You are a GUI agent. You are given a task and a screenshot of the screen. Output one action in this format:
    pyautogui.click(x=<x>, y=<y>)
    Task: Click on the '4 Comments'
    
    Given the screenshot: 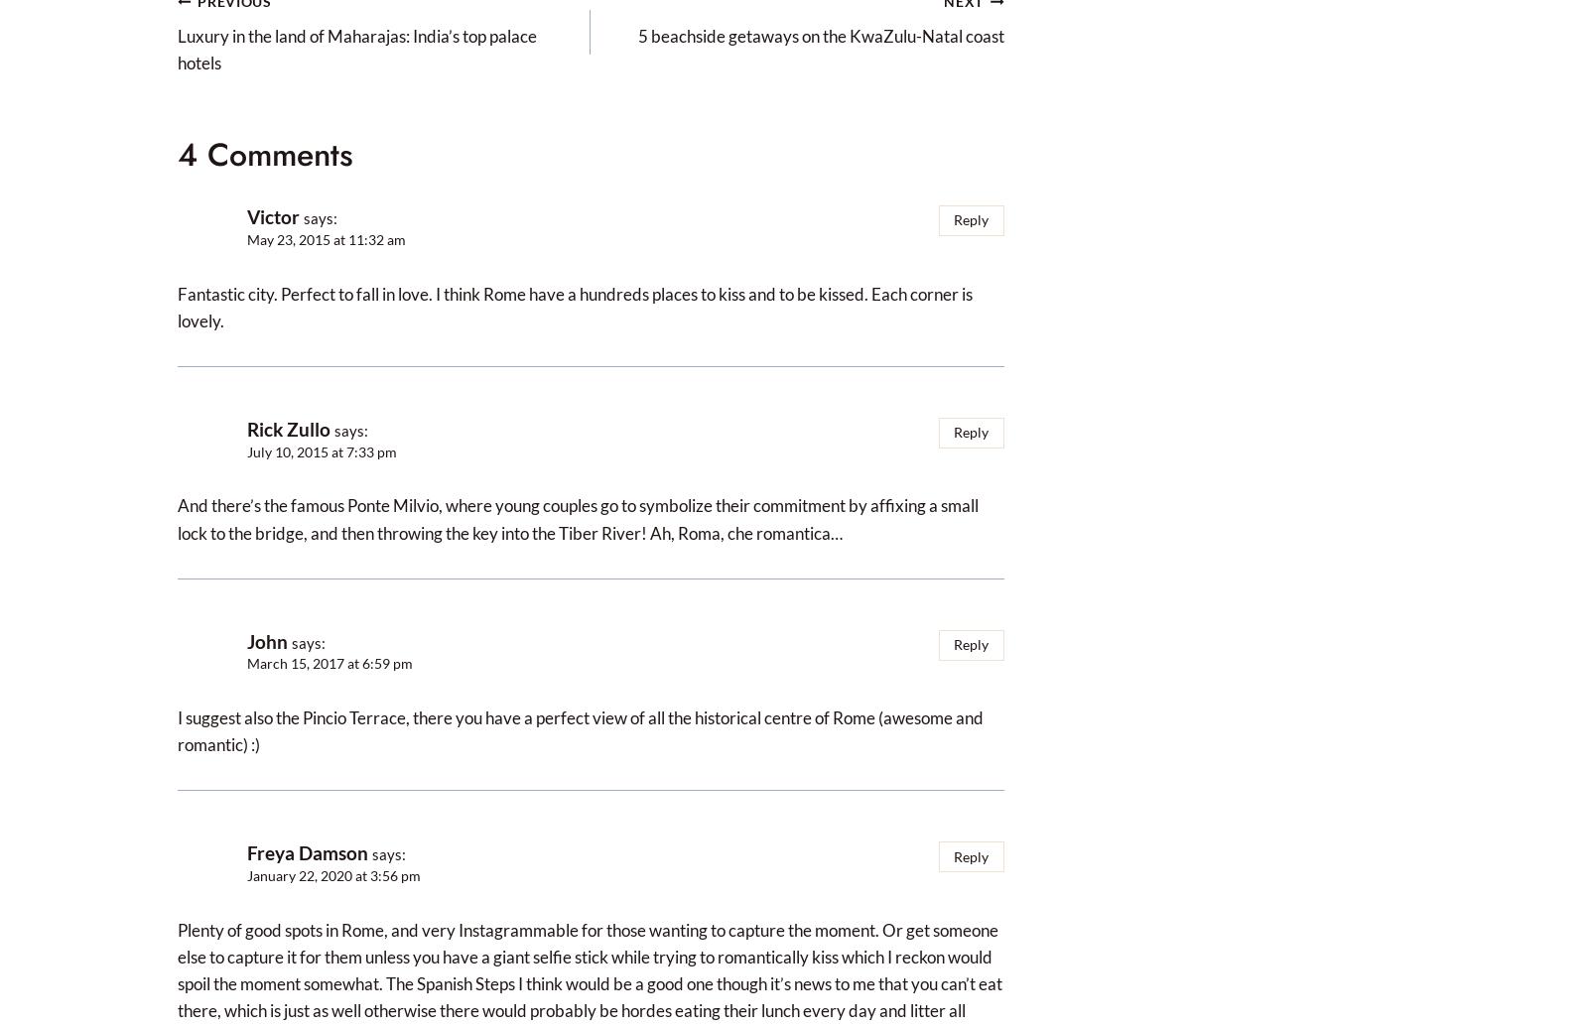 What is the action you would take?
    pyautogui.click(x=265, y=153)
    